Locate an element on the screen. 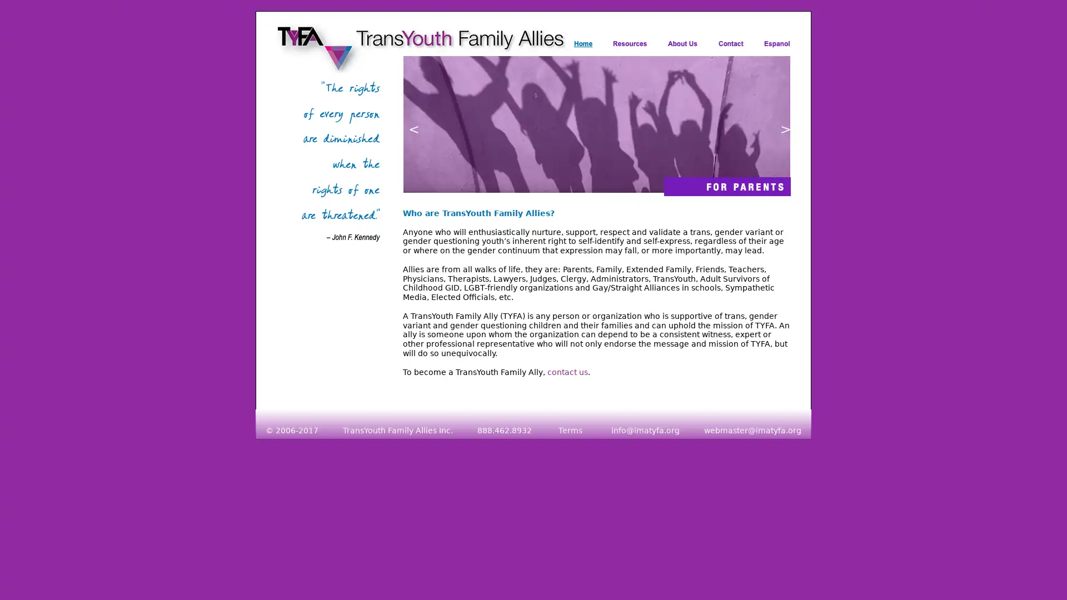 The height and width of the screenshot is (600, 1067). next is located at coordinates (782, 129).